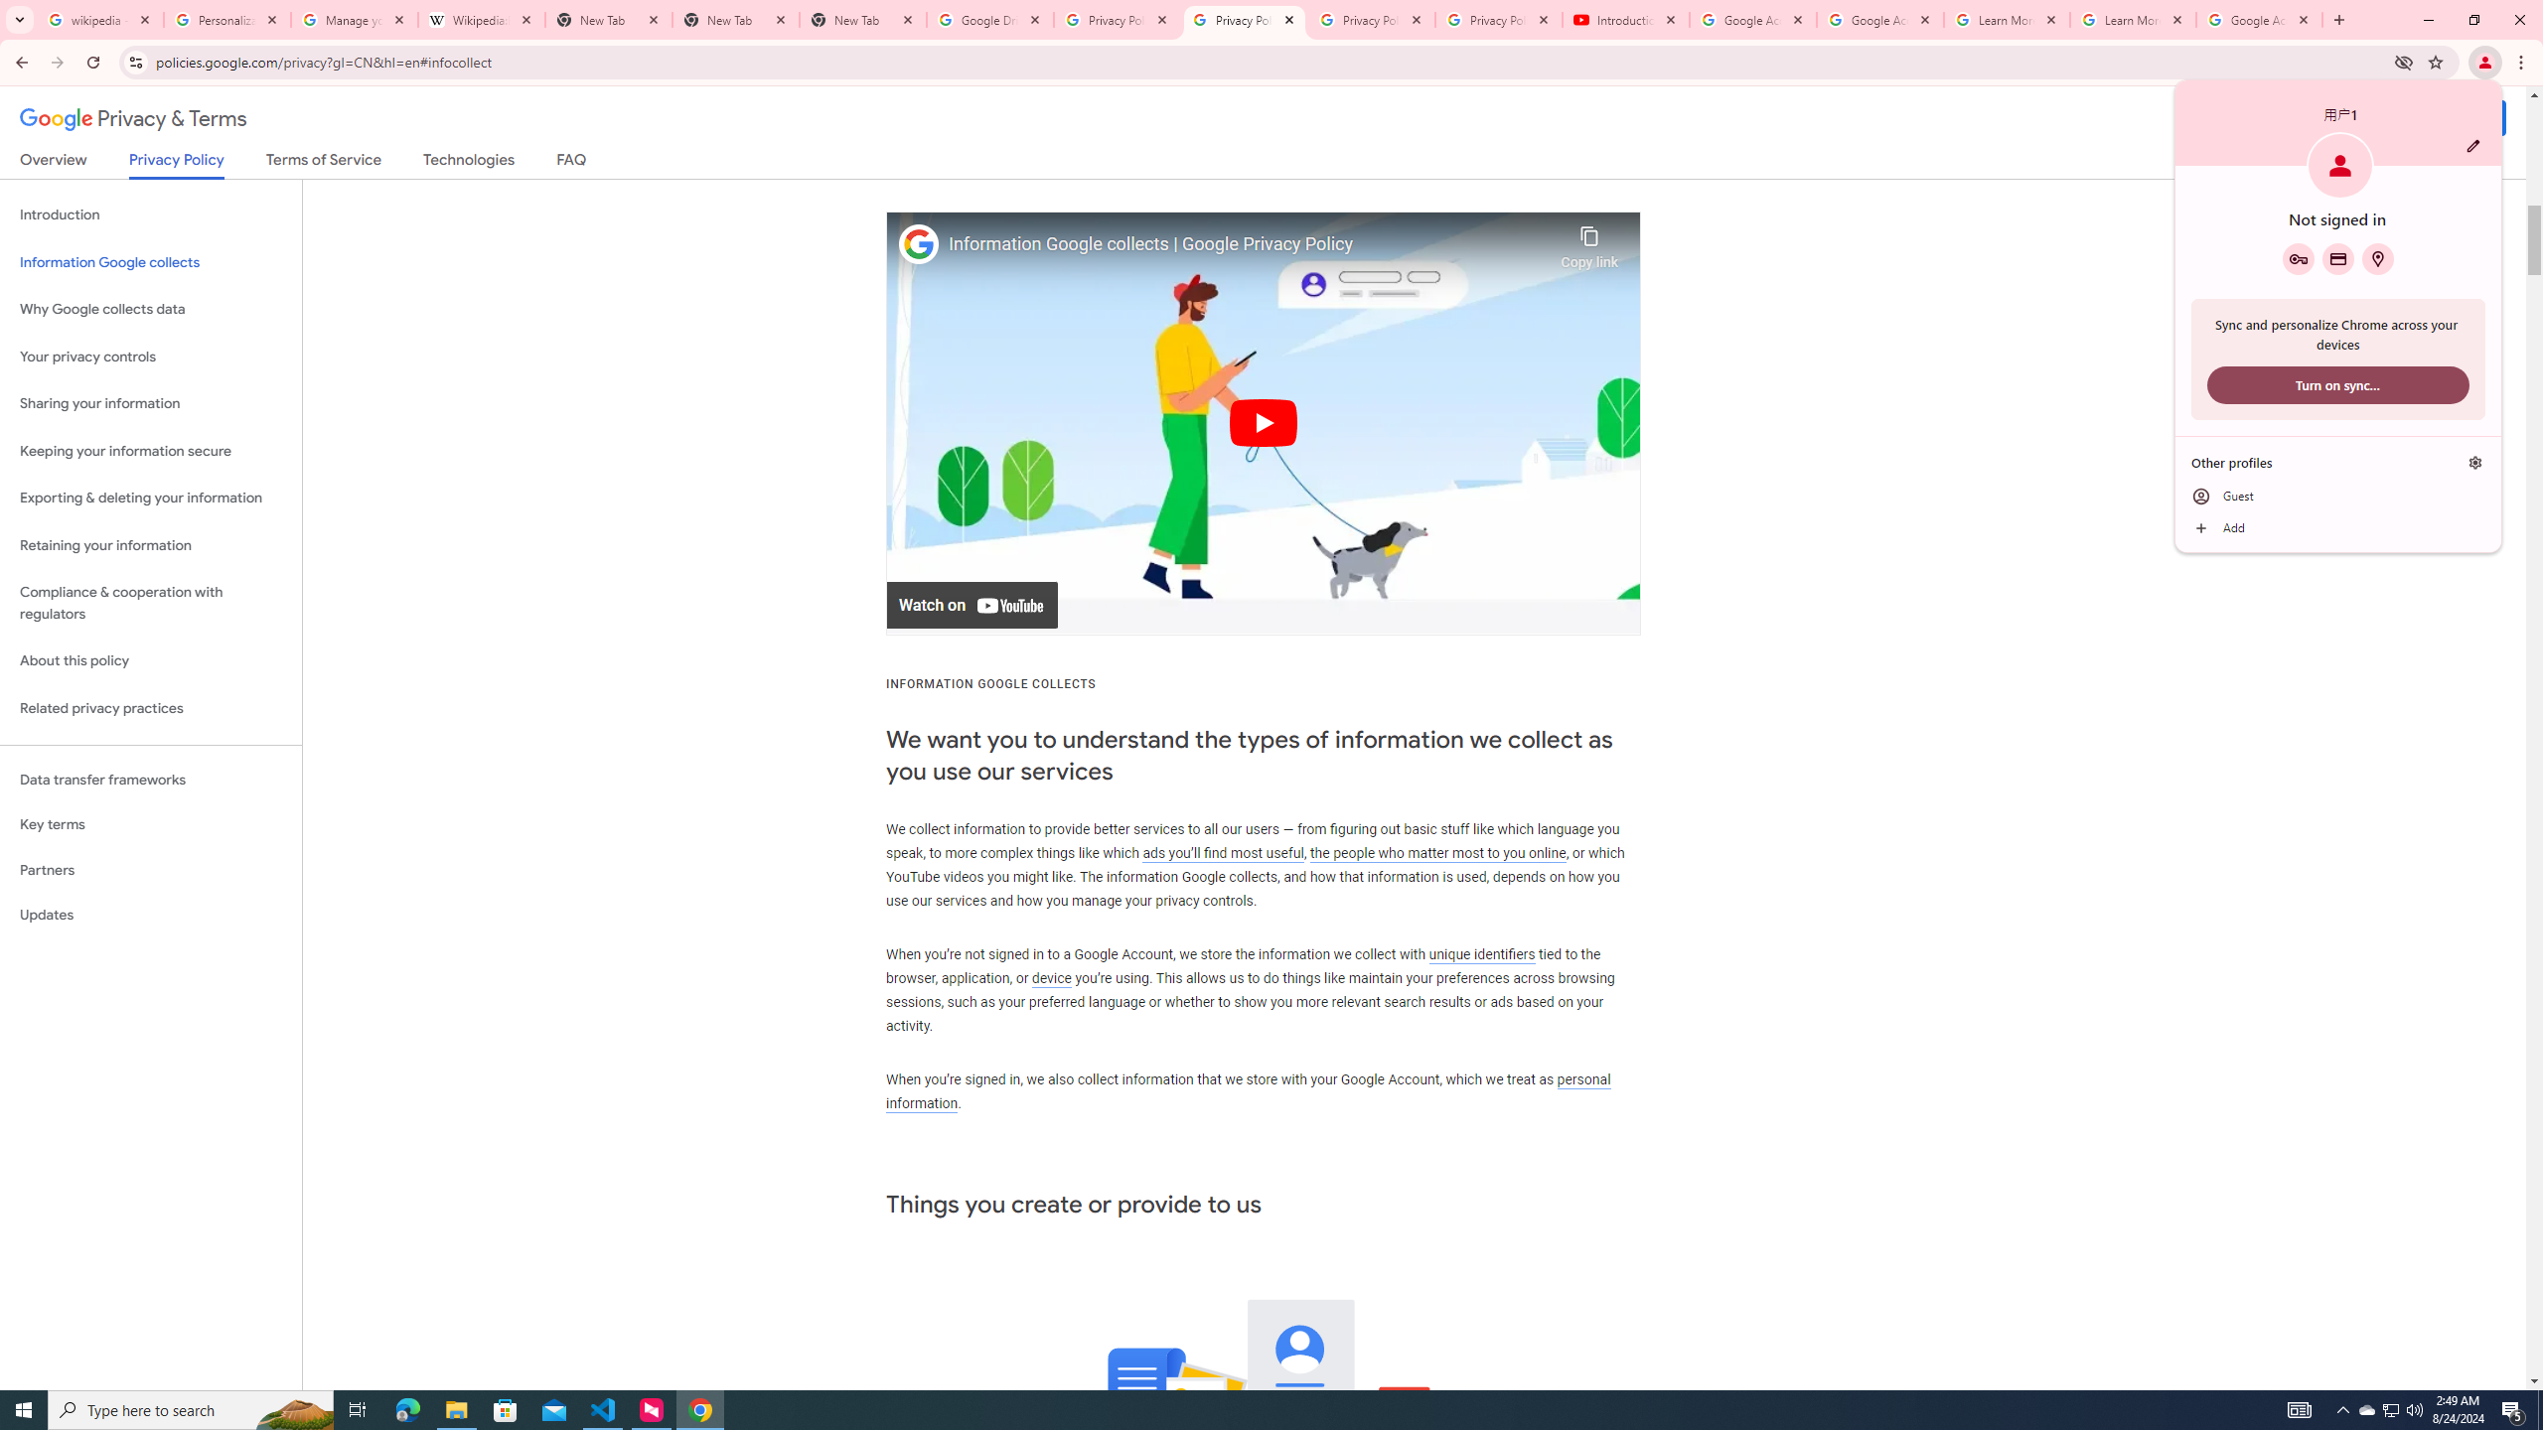  I want to click on 'User Promoted Notification Area', so click(2389, 1408).